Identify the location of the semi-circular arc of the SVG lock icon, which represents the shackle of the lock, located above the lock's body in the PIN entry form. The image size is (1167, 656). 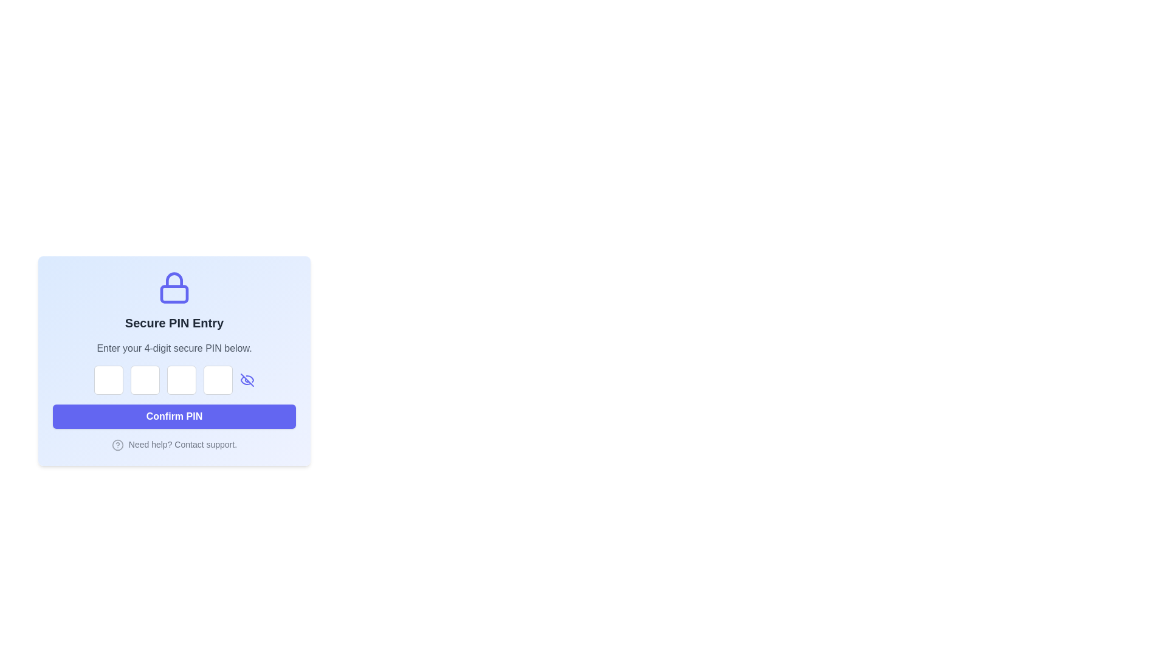
(174, 280).